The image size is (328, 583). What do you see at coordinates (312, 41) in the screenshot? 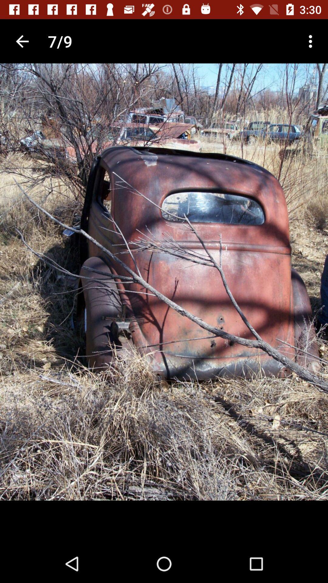
I see `the icon to the right of 7/9` at bounding box center [312, 41].